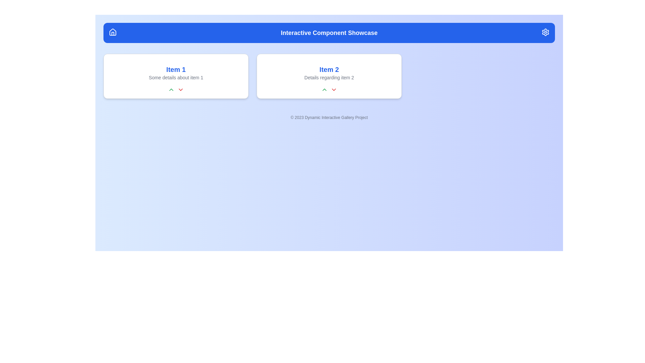 The image size is (645, 363). What do you see at coordinates (176, 89) in the screenshot?
I see `the horizontal button group with up and down arrows for Item 1` at bounding box center [176, 89].